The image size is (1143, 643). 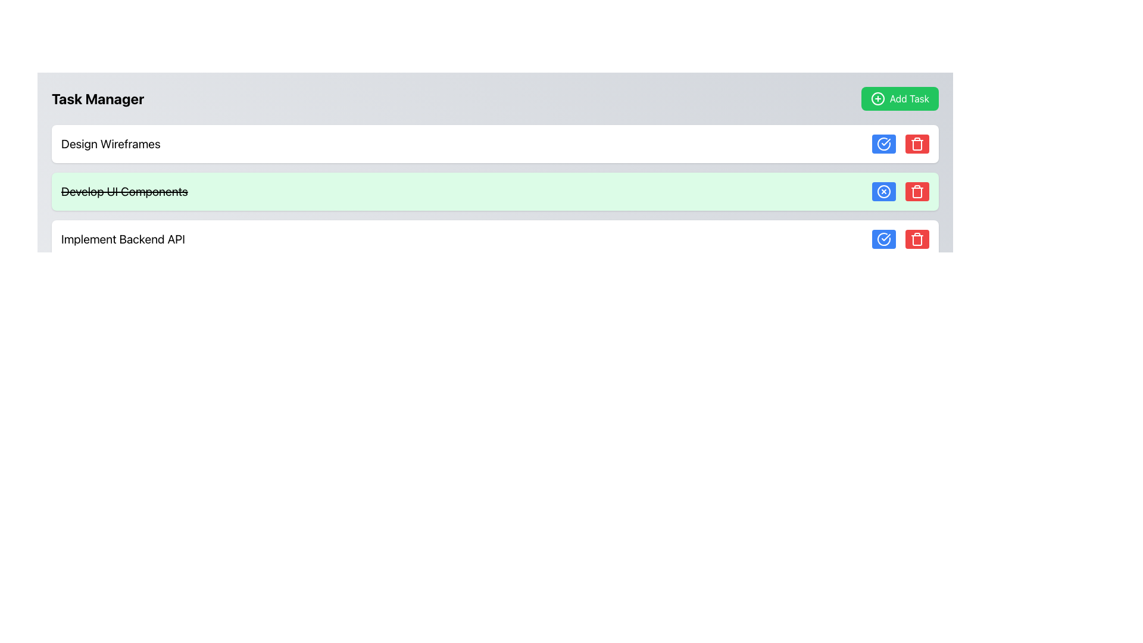 What do you see at coordinates (883, 239) in the screenshot?
I see `the blue rounded rectangular button with a checkmark icon next to the 'Develop UI Components' task` at bounding box center [883, 239].